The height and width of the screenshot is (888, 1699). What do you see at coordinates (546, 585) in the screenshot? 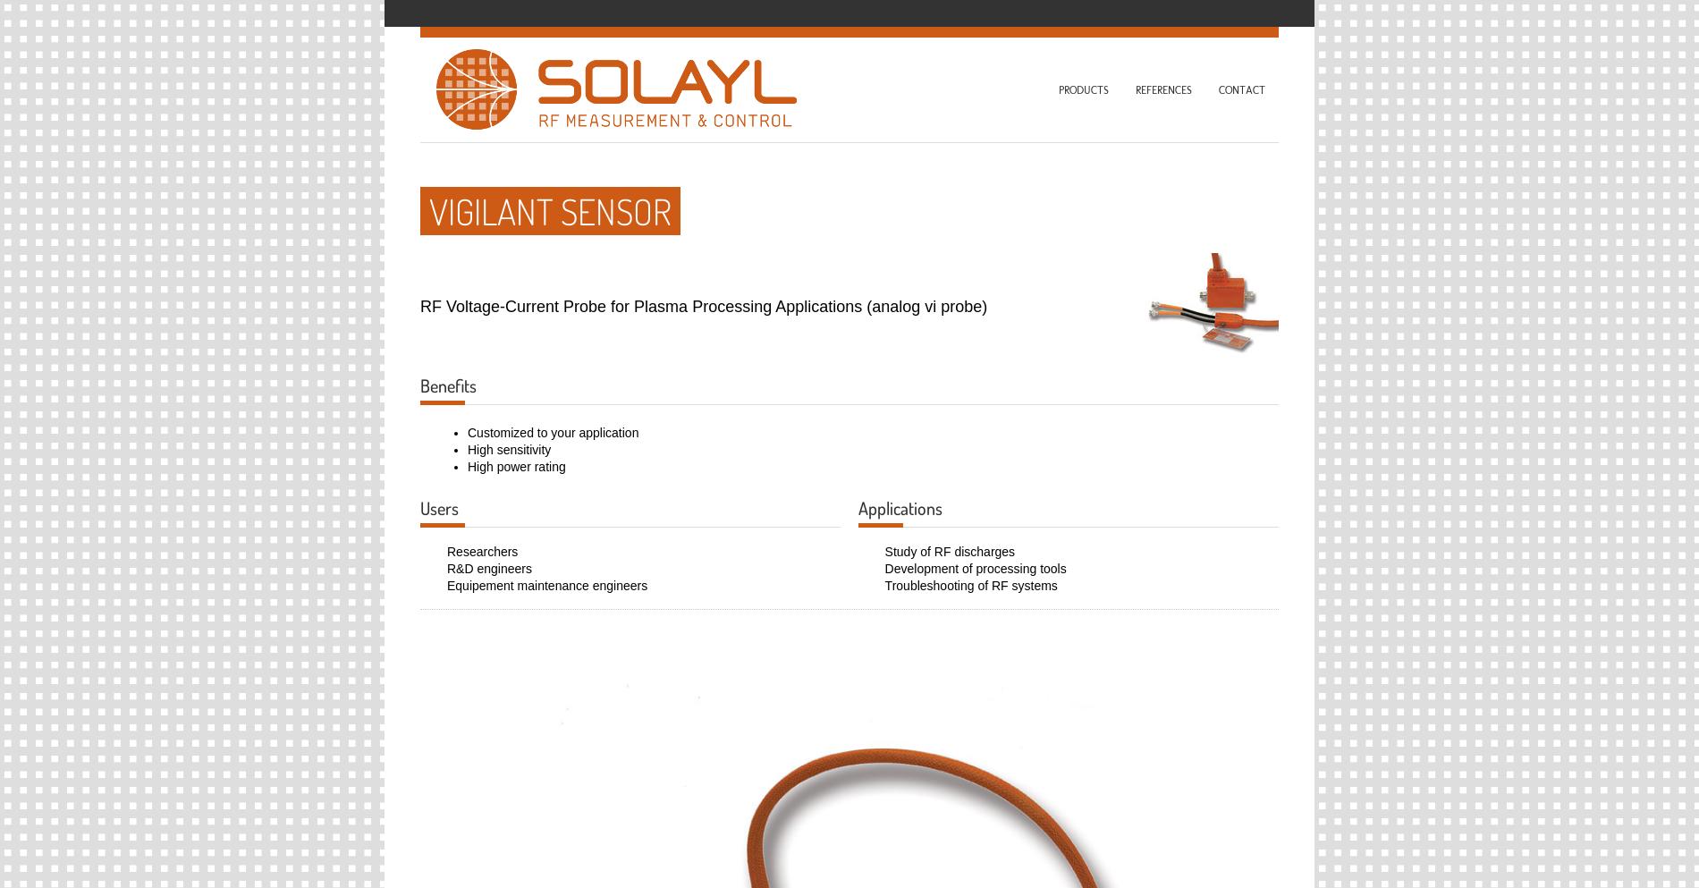
I see `'Equipement maintenance engineers'` at bounding box center [546, 585].